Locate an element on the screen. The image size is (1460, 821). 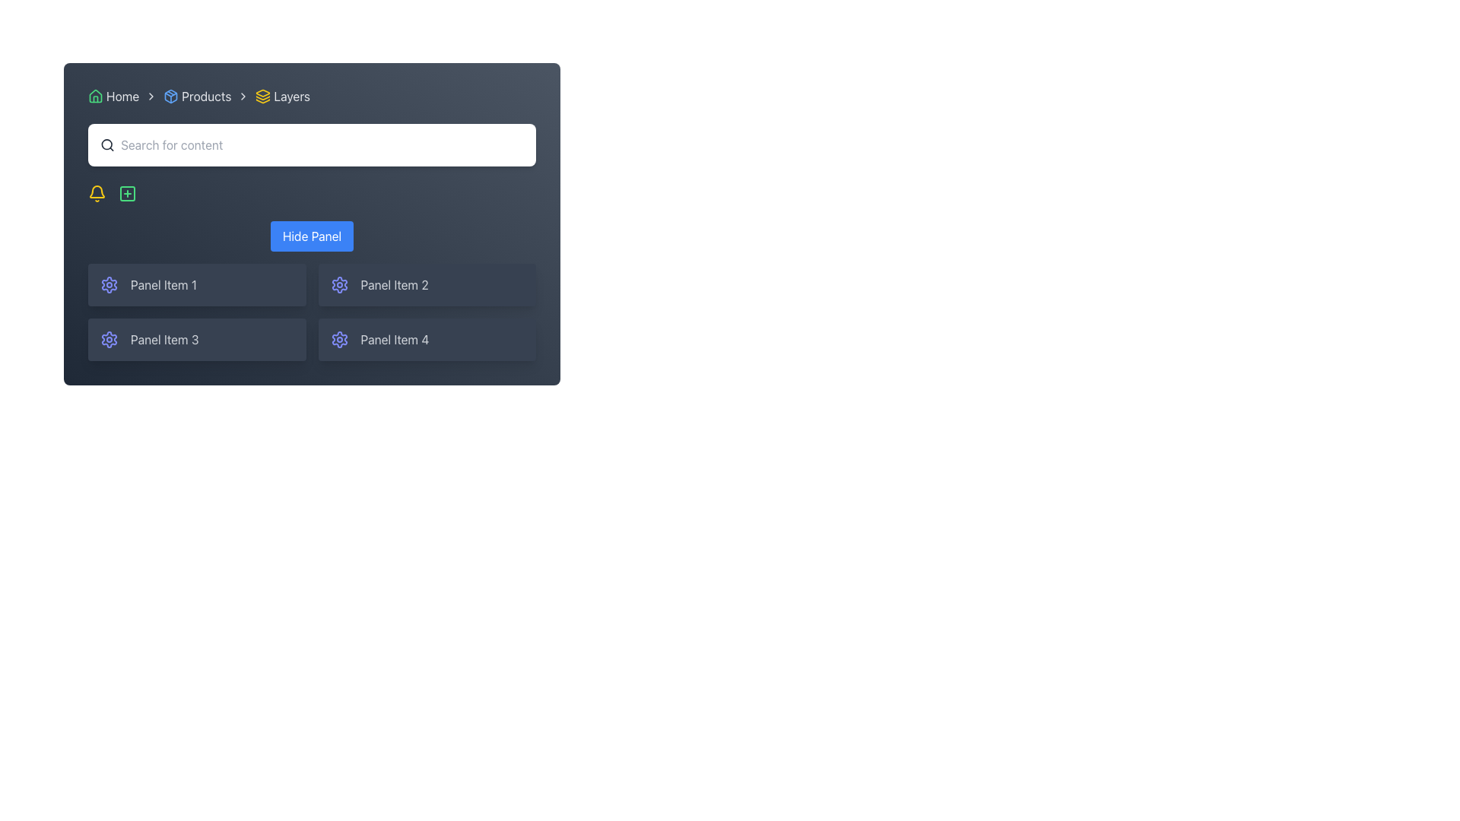
the settings icon located in 'Panel Item 2' of the second column in the two-by-two grid is located at coordinates (338, 284).